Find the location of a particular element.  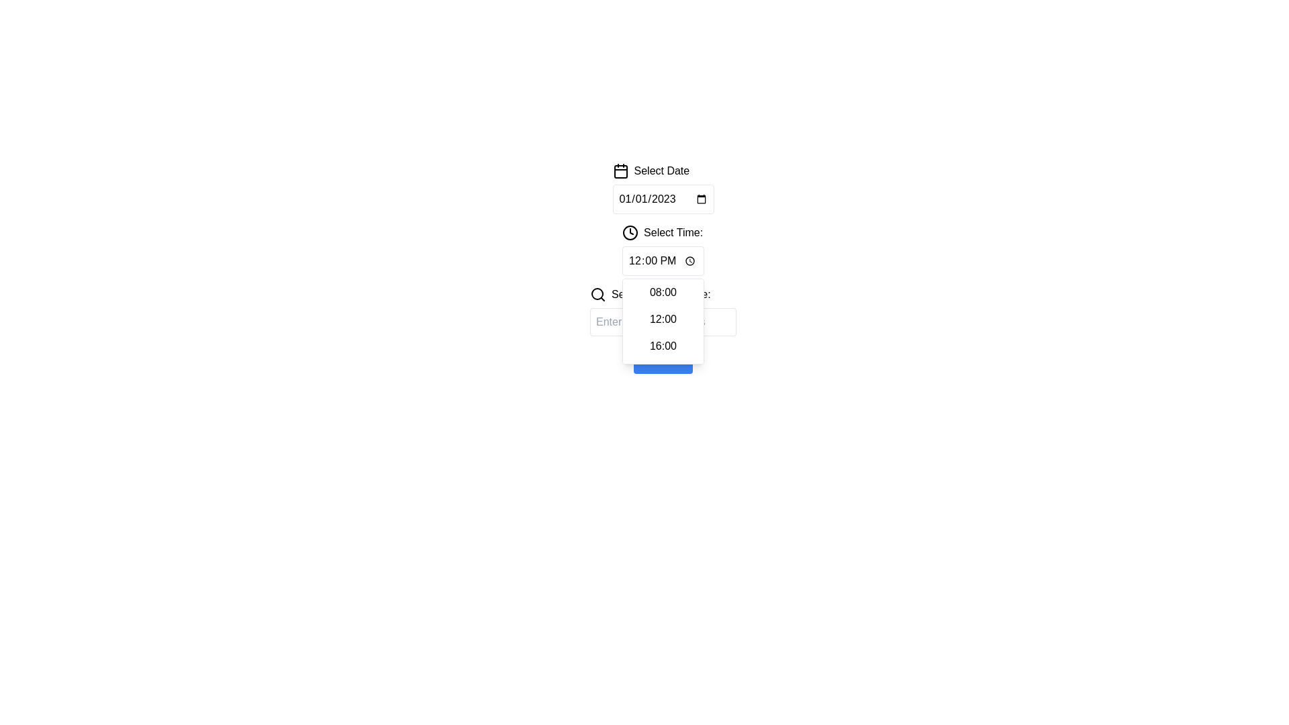

text label that says 'Search Date & Time:' located near the top-center of the interface, above the text input field with the placeholder 'Enter search keywords' is located at coordinates (663, 294).